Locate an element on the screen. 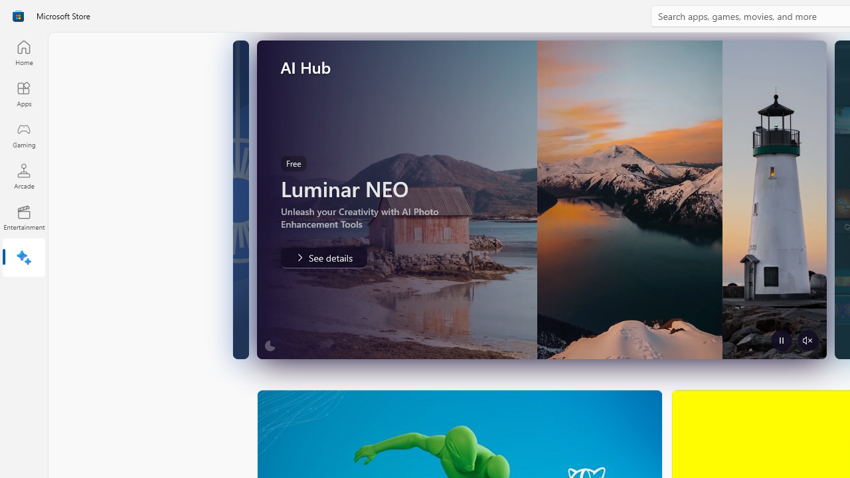 The image size is (850, 478). 'Gaming' is located at coordinates (23, 135).